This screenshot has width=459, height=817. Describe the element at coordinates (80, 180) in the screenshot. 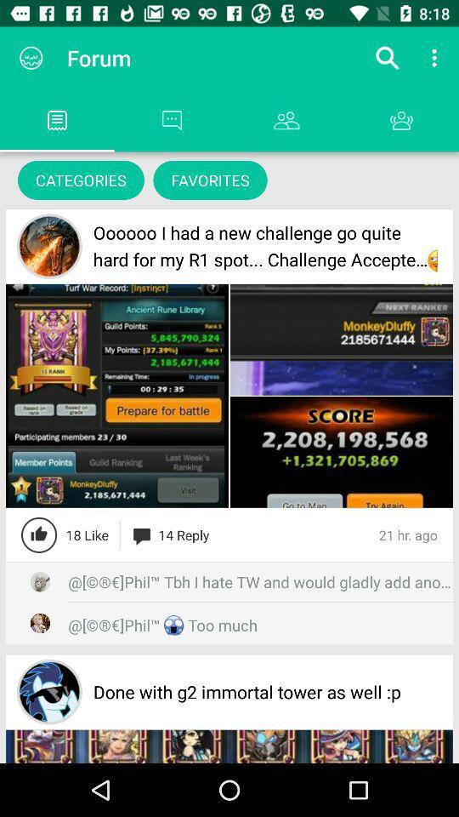

I see `item next to favorites item` at that location.